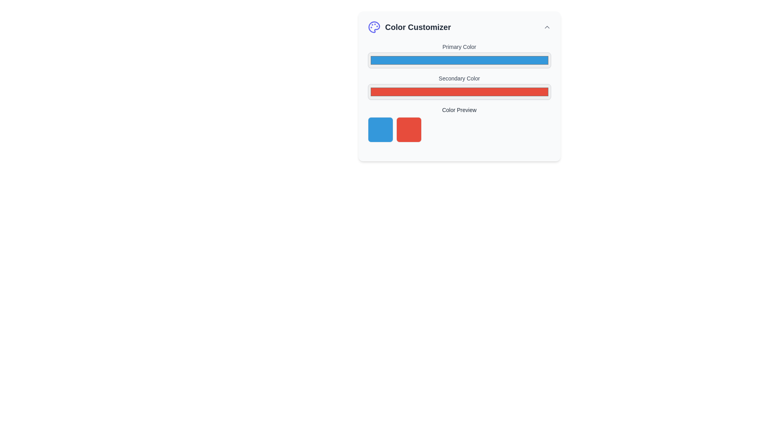 This screenshot has width=758, height=426. I want to click on the color, so click(459, 60).